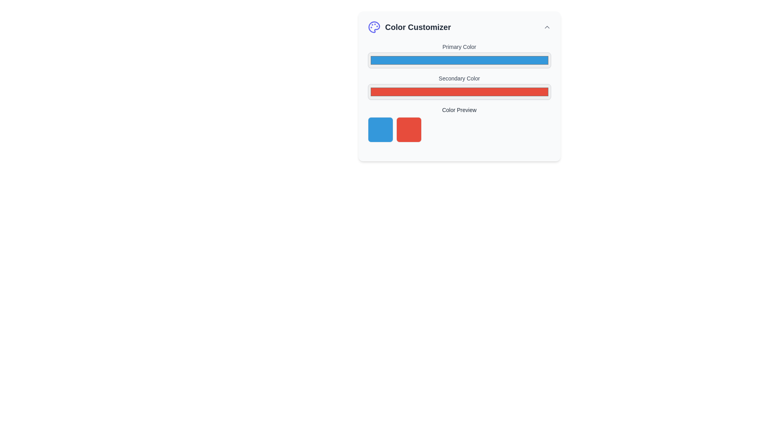 This screenshot has width=758, height=426. I want to click on the color, so click(459, 60).